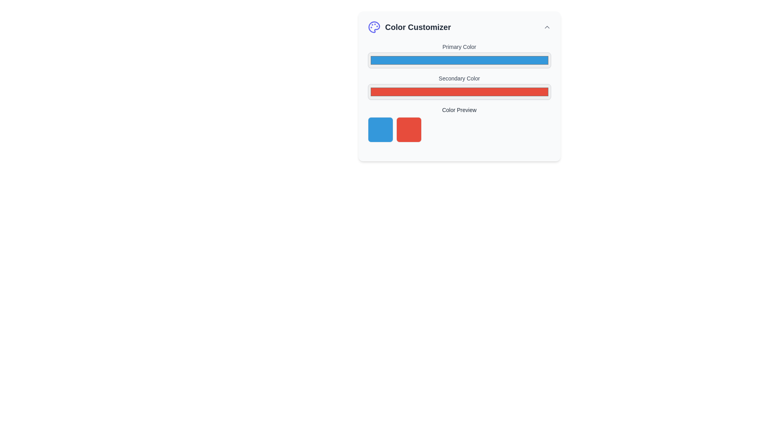 This screenshot has width=758, height=426. I want to click on the color, so click(459, 60).